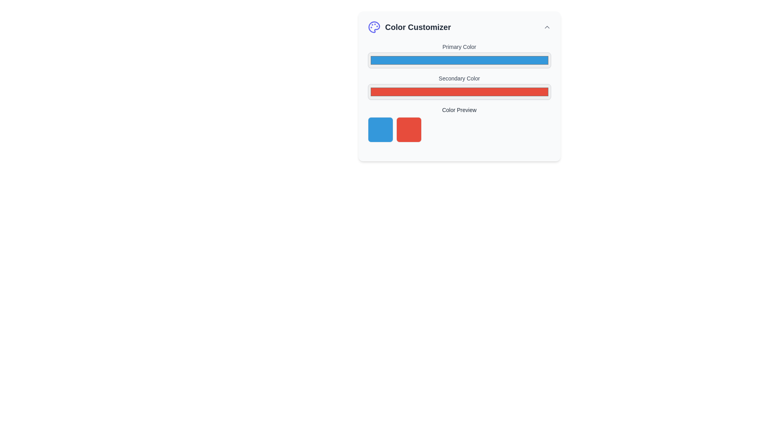 This screenshot has width=758, height=426. I want to click on the color, so click(459, 60).